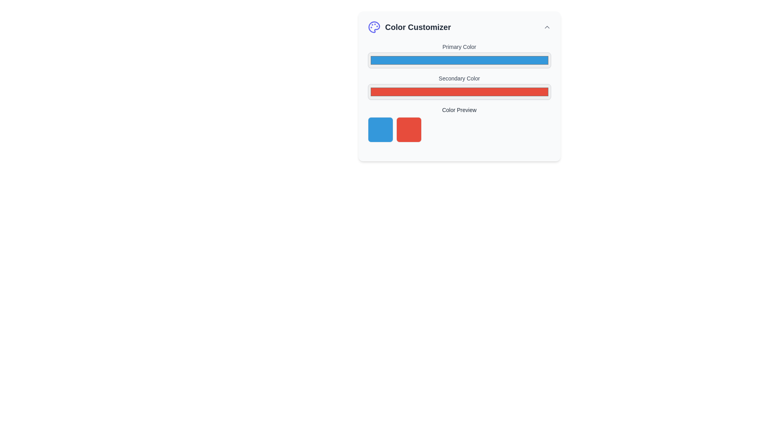 This screenshot has width=758, height=426. I want to click on the color, so click(459, 60).